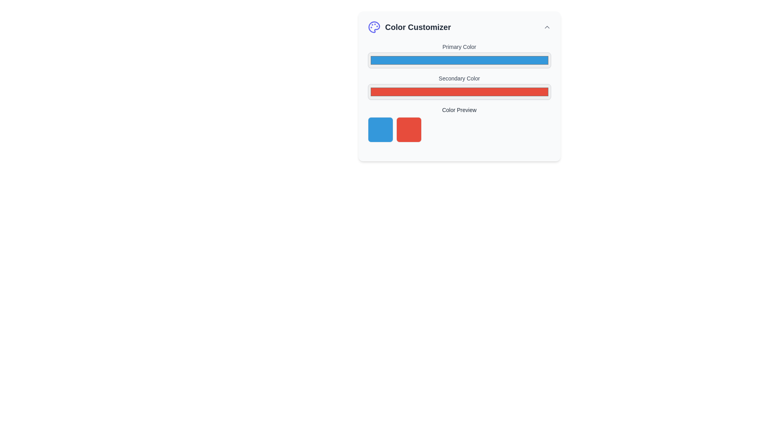 This screenshot has width=758, height=426. I want to click on the color, so click(459, 60).